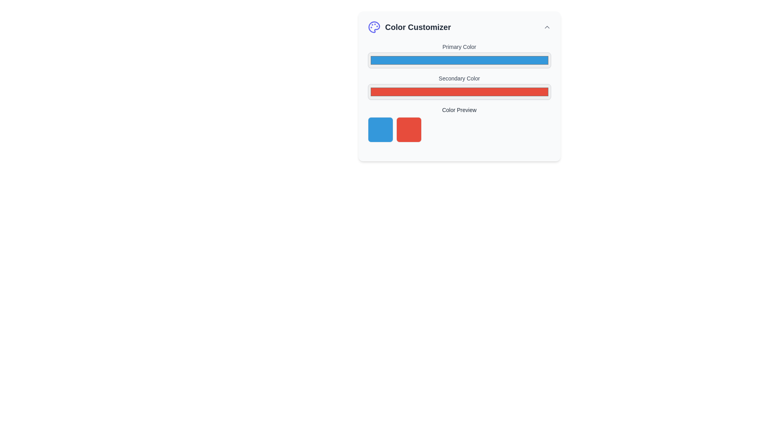 This screenshot has width=758, height=426. I want to click on the color, so click(459, 60).